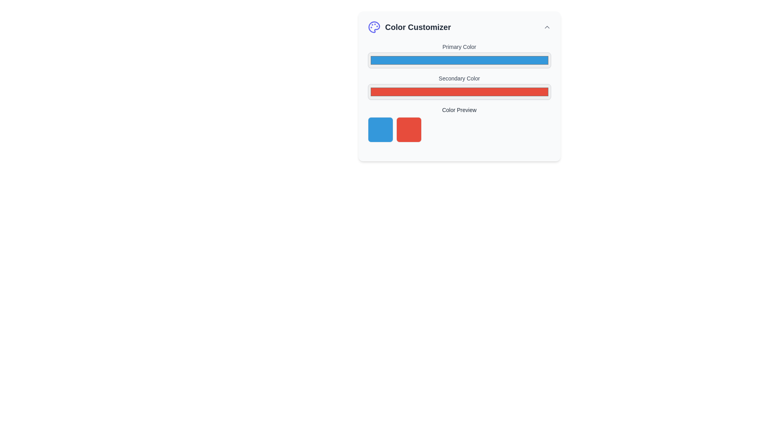 This screenshot has width=758, height=426. I want to click on the color, so click(459, 60).